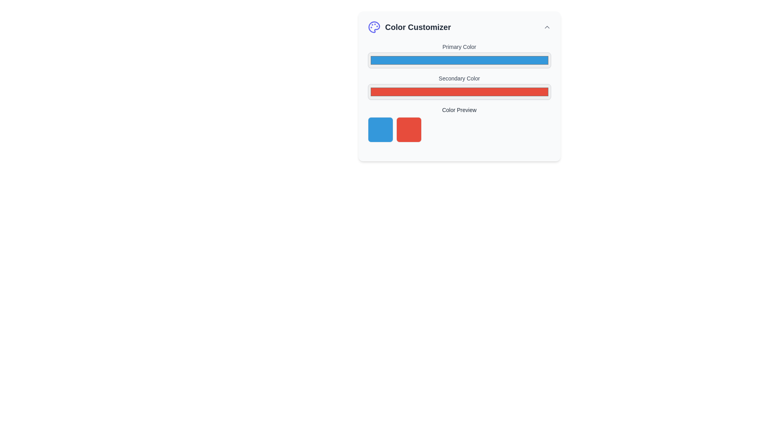 This screenshot has width=758, height=426. I want to click on the color, so click(459, 60).